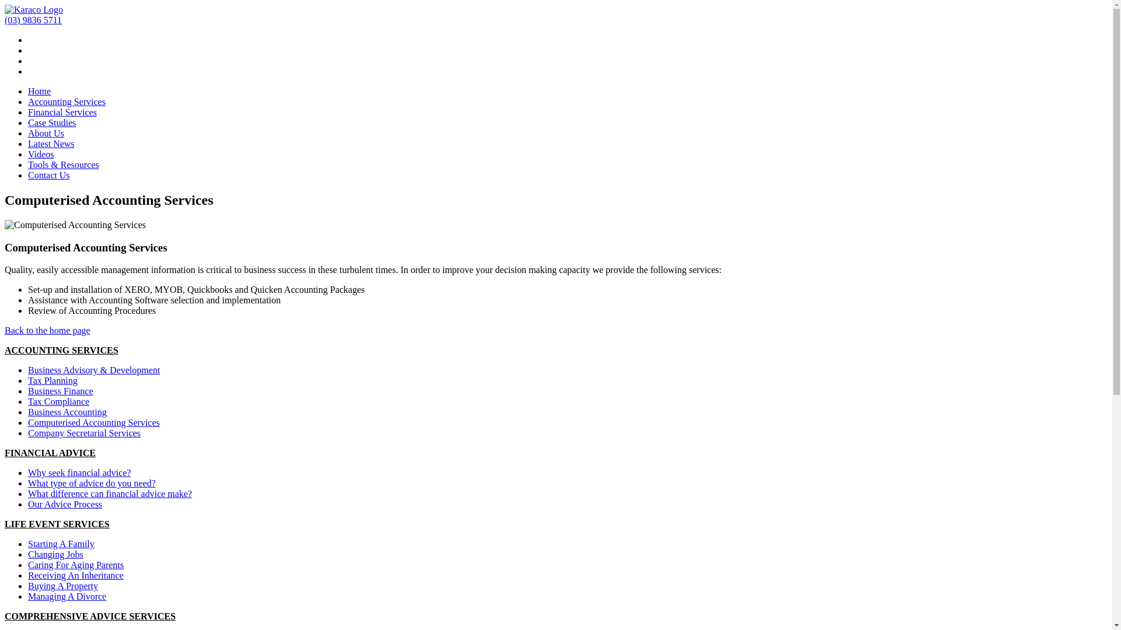 This screenshot has height=630, width=1121. Describe the element at coordinates (78, 473) in the screenshot. I see `'Why seek financial advice?'` at that location.